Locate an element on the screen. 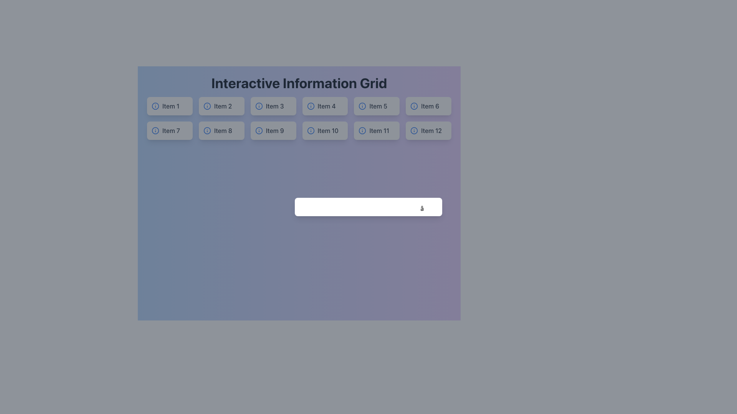 The image size is (737, 414). the decorative SVG circle that forms the border of the 'info' icon within the 'Item 9' button located in the second row and third column of the grid layout is located at coordinates (259, 130).